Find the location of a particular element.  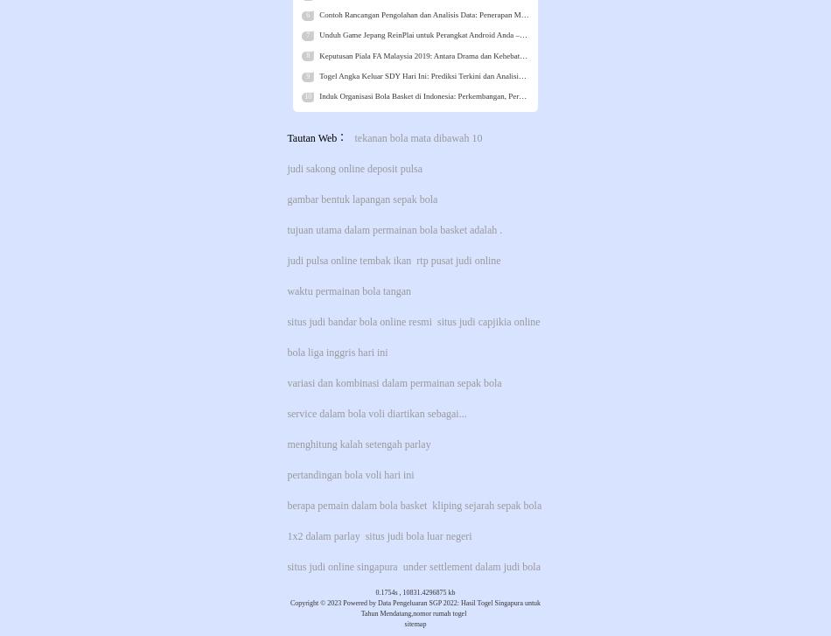

'7' is located at coordinates (306, 35).